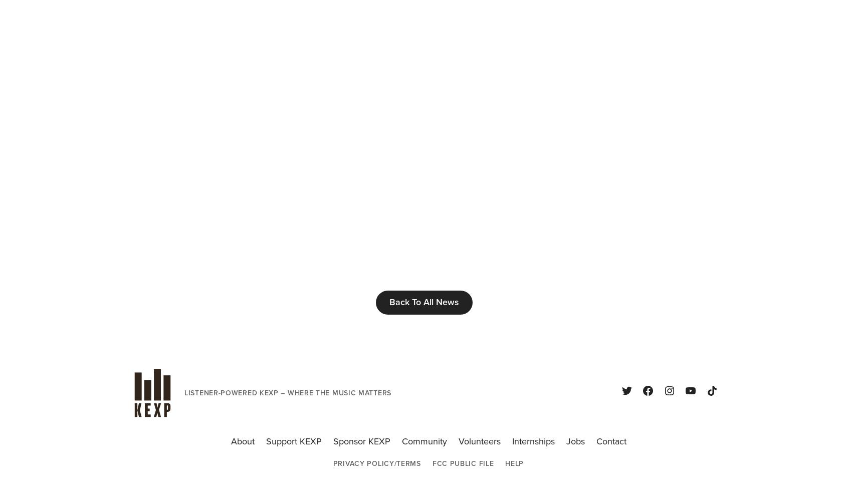 This screenshot has height=487, width=848. I want to click on 'Volunteers', so click(479, 441).